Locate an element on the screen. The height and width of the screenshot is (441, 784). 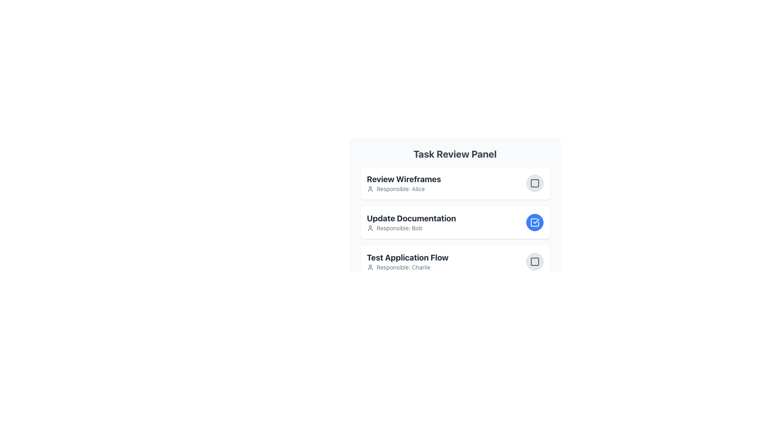
text content of the descriptor label for the task labeled 'Test Application Flow', located in the third section of a vertically stacked list, above the subtext 'Responsible: Charlie' is located at coordinates (408, 258).